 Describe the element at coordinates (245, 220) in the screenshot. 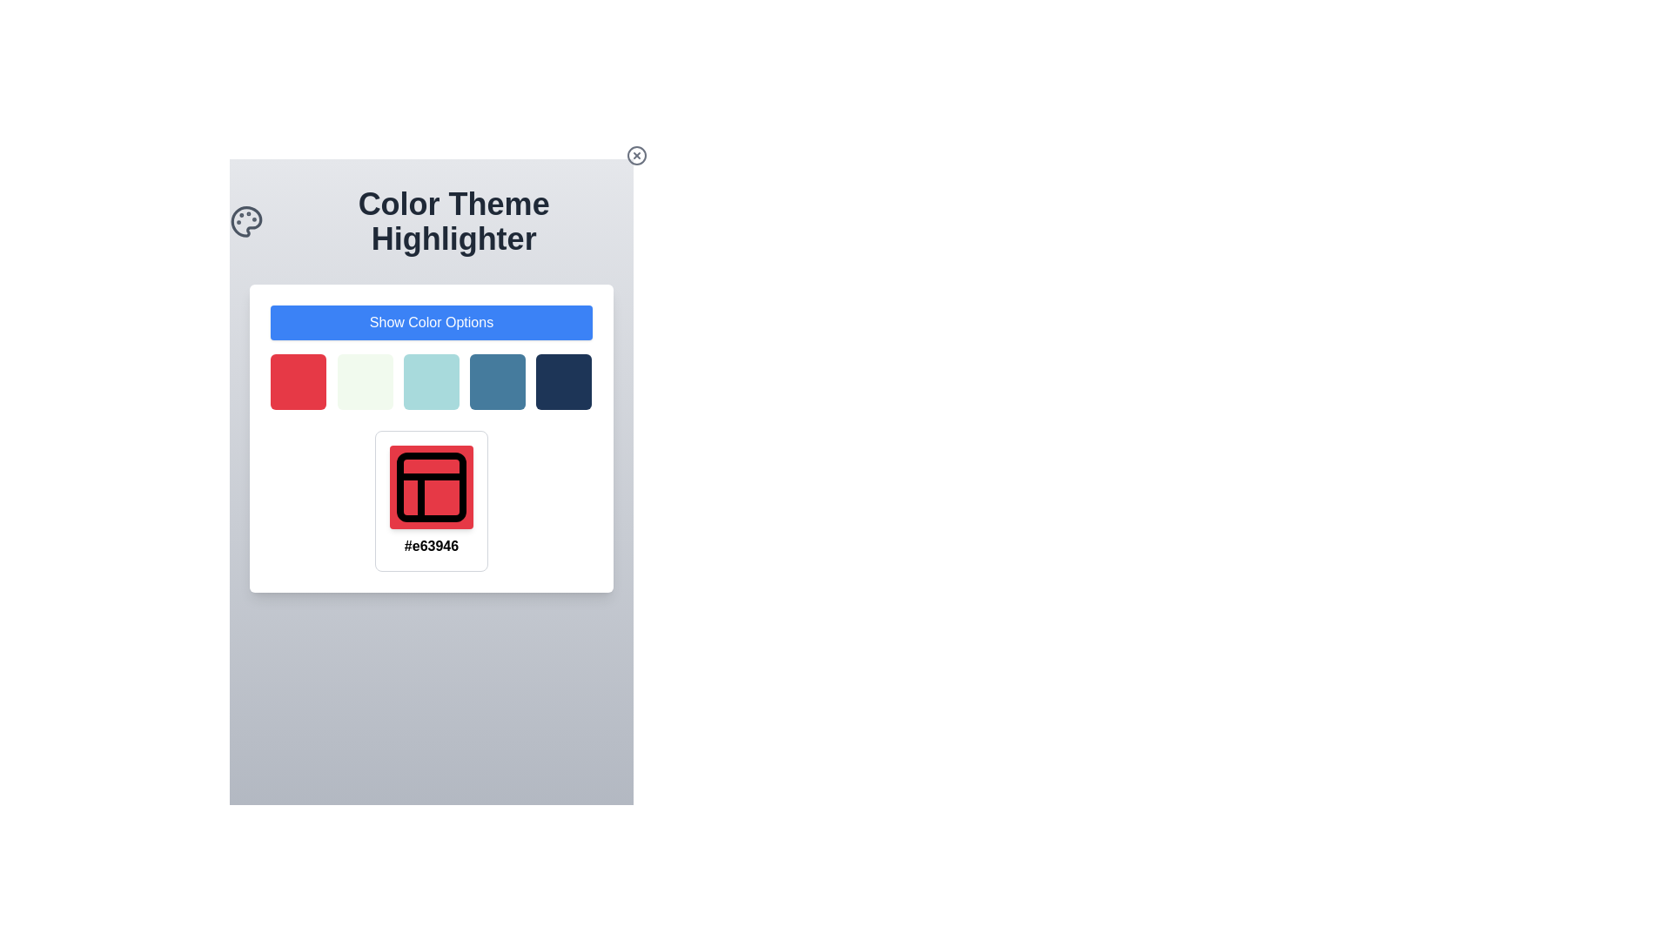

I see `the stylized painting palette icon located to the far left of the text 'Color Theme Highlighter'` at that location.